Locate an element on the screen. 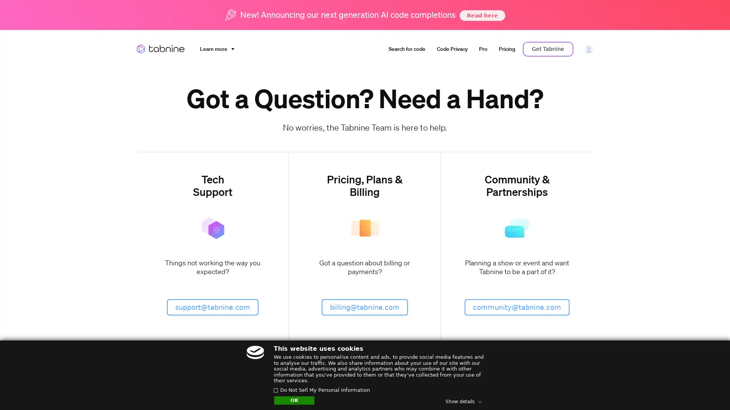 Image resolution: width=730 pixels, height=410 pixels. support@tabnine.com is located at coordinates (213, 306).